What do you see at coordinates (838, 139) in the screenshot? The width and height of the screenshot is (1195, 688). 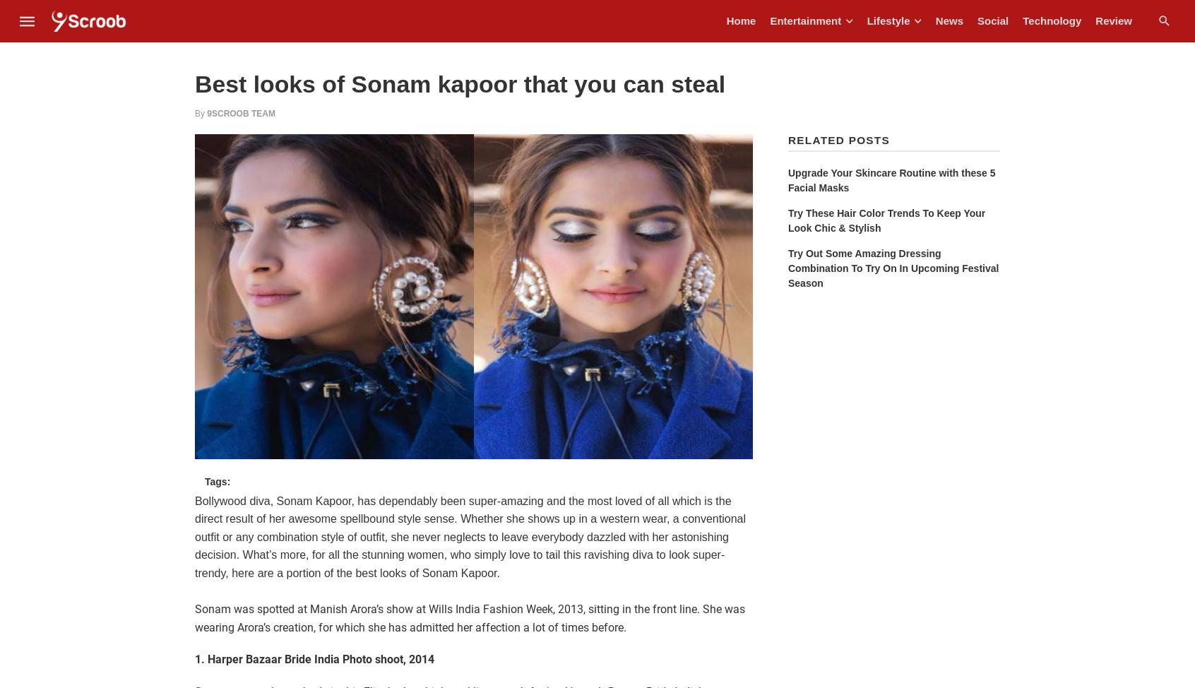 I see `'Related Posts'` at bounding box center [838, 139].